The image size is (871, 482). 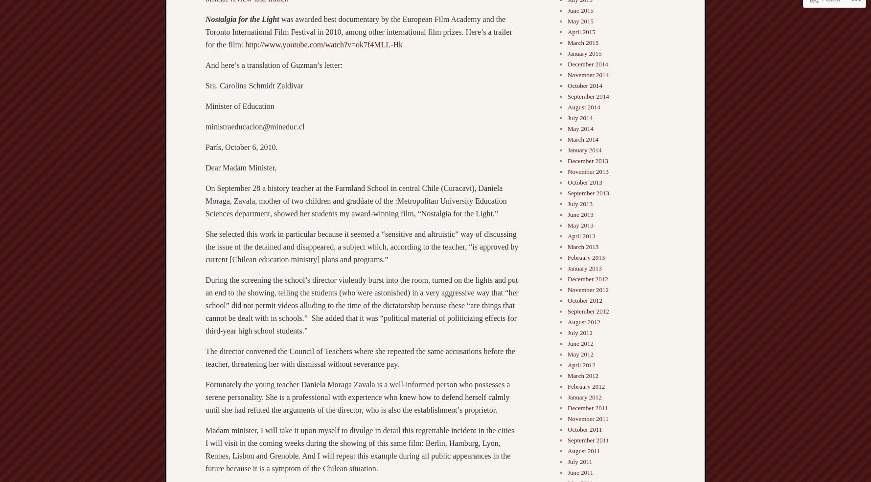 What do you see at coordinates (583, 450) in the screenshot?
I see `'August 2011'` at bounding box center [583, 450].